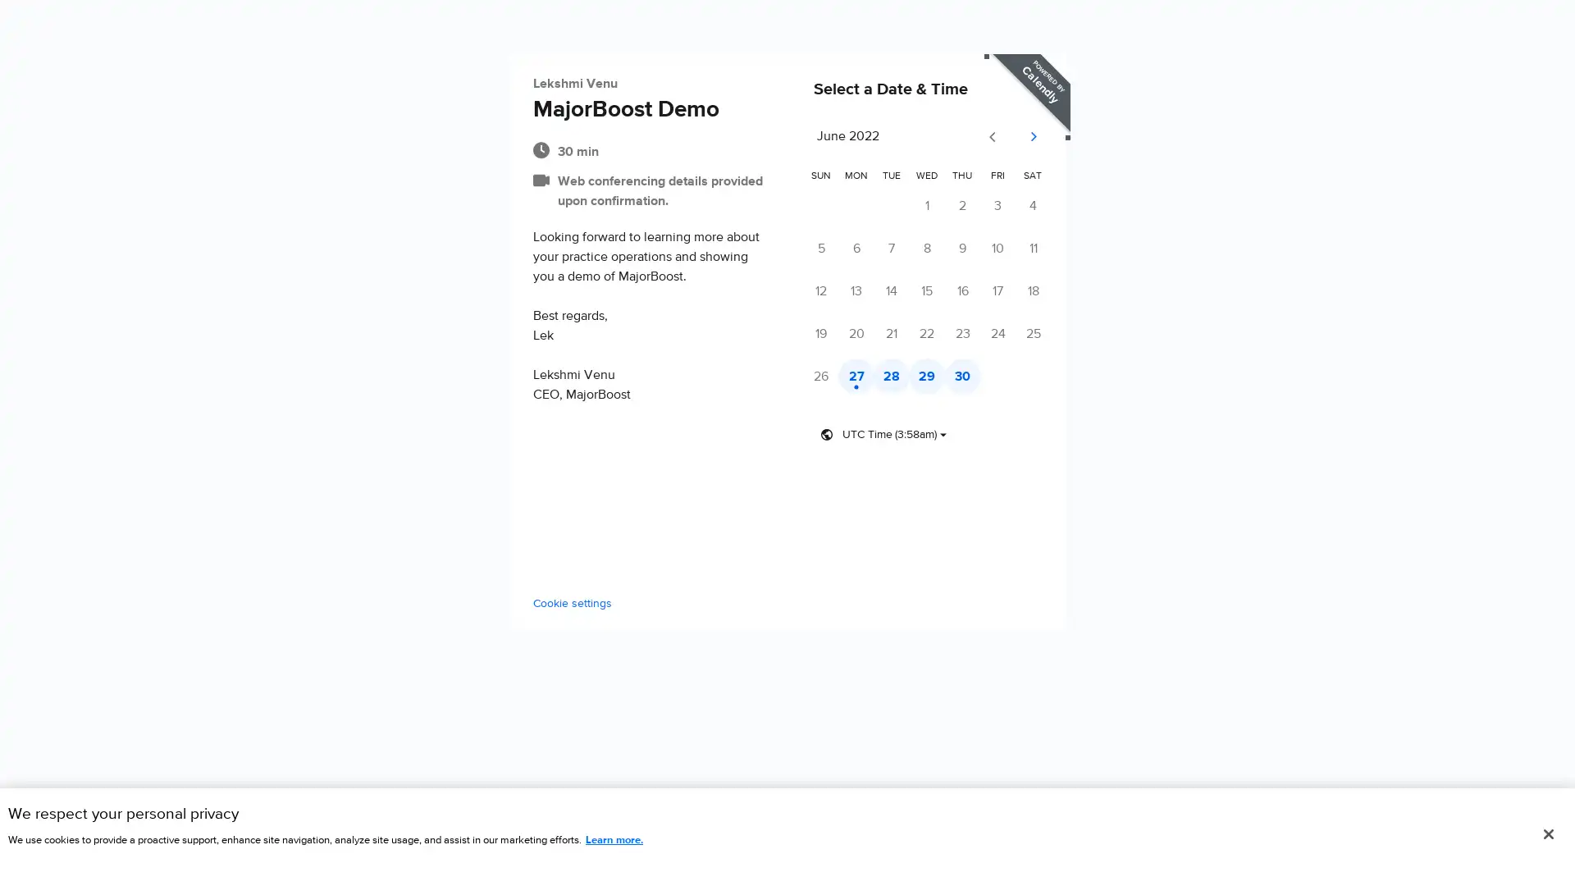  I want to click on Wednesday, June 22 - No times available, so click(950, 334).